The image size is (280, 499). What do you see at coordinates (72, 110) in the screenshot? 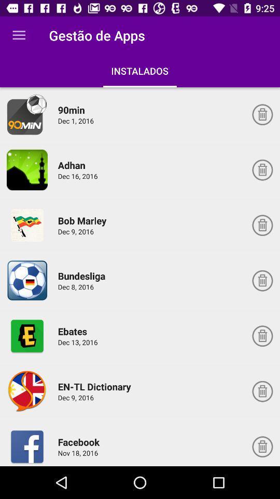
I see `the 90min item` at bounding box center [72, 110].